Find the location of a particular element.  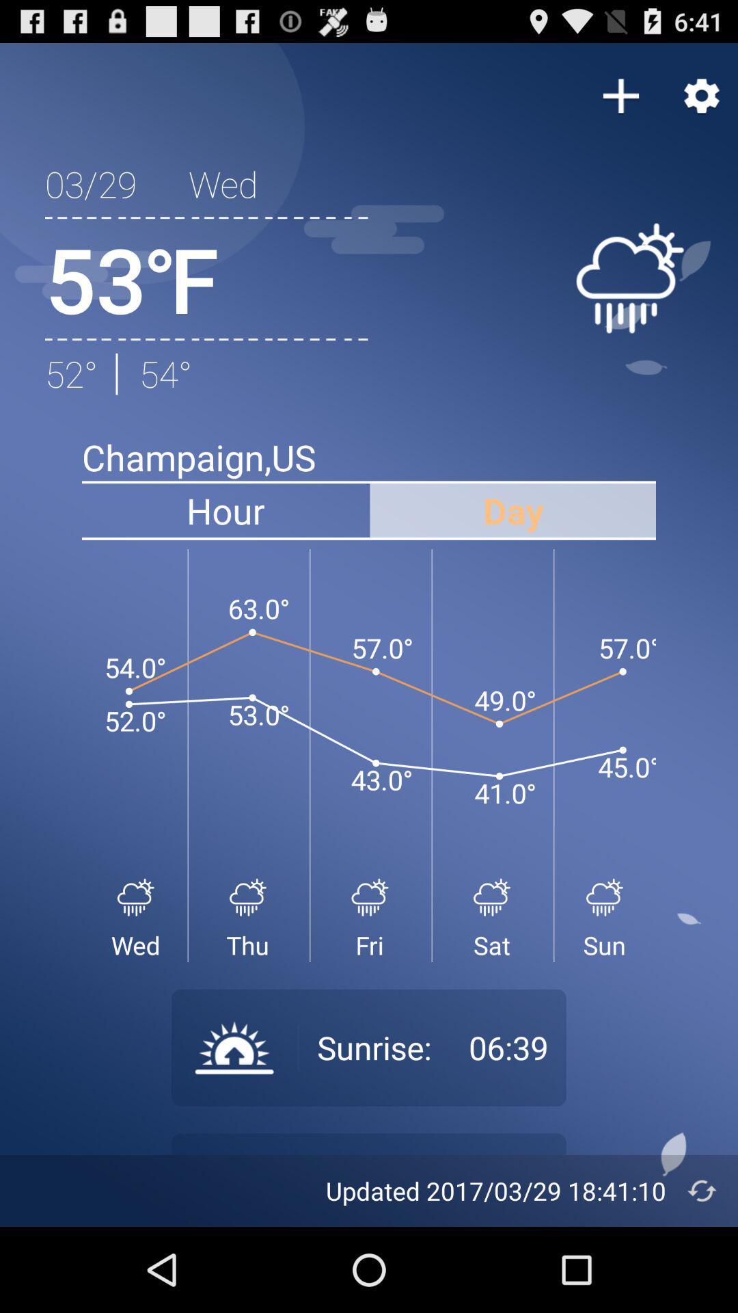

button next to the day icon is located at coordinates (225, 509).